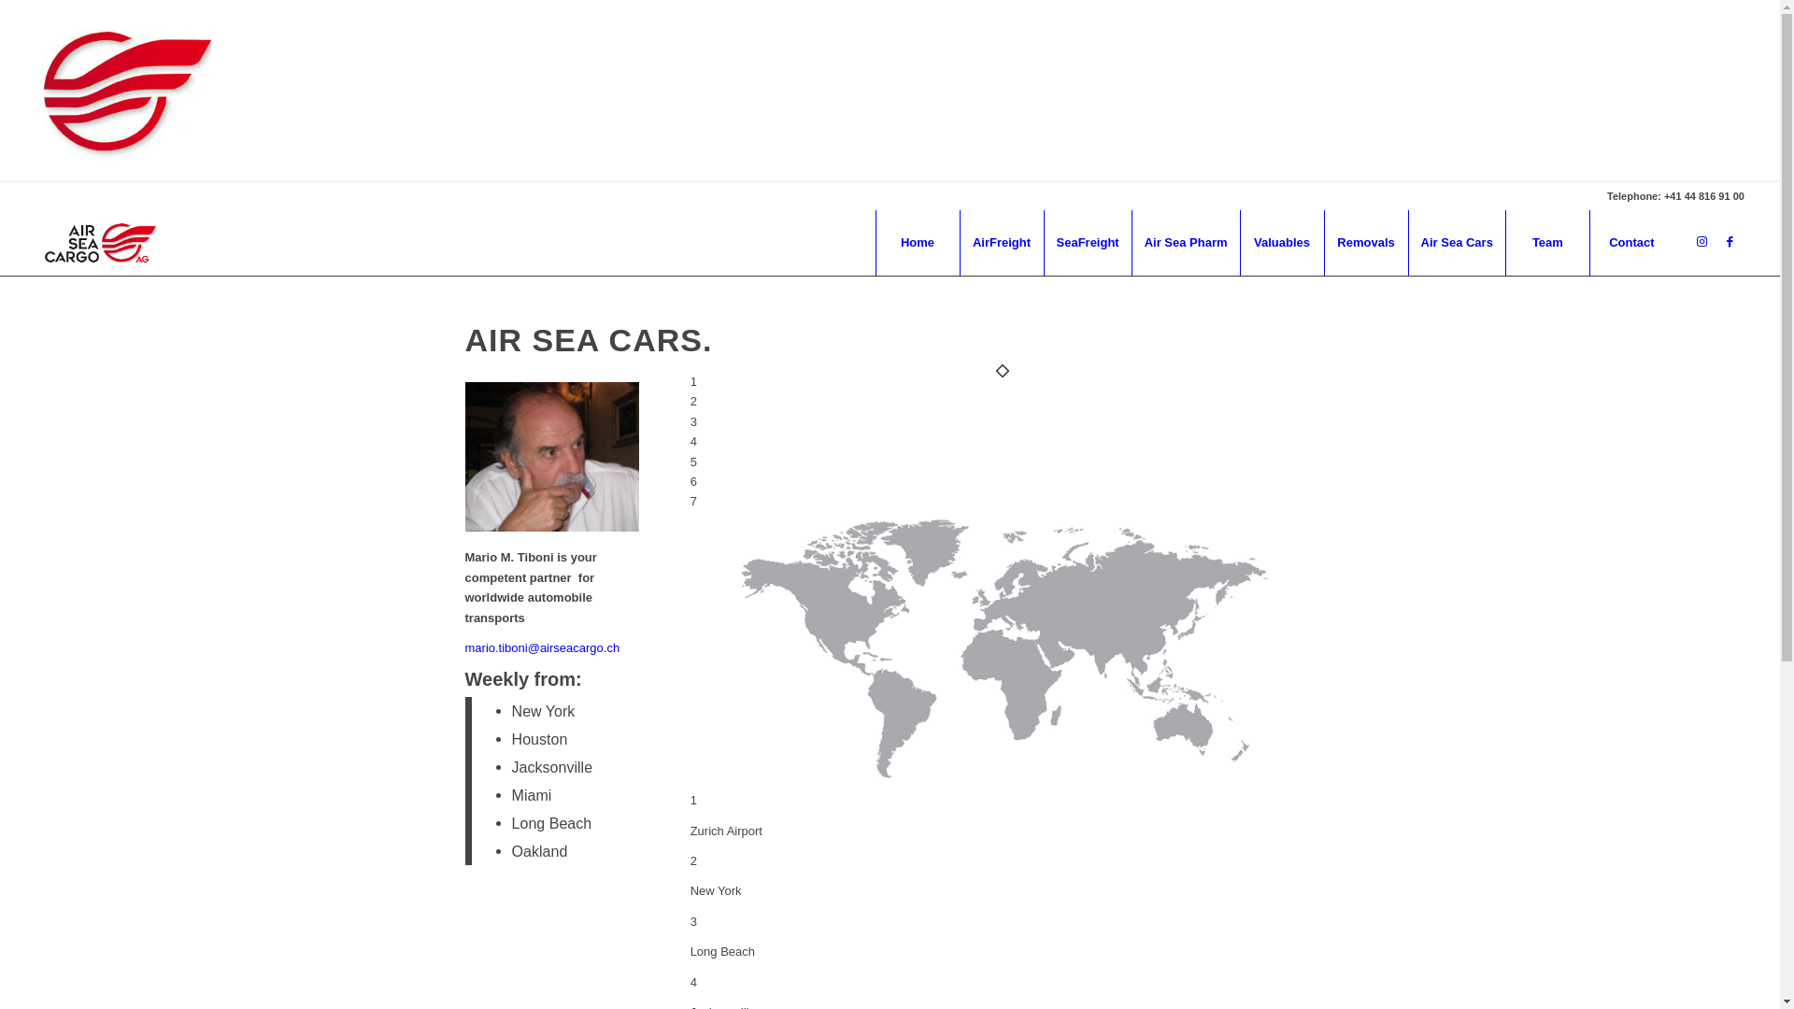  What do you see at coordinates (999, 241) in the screenshot?
I see `'AirFreight'` at bounding box center [999, 241].